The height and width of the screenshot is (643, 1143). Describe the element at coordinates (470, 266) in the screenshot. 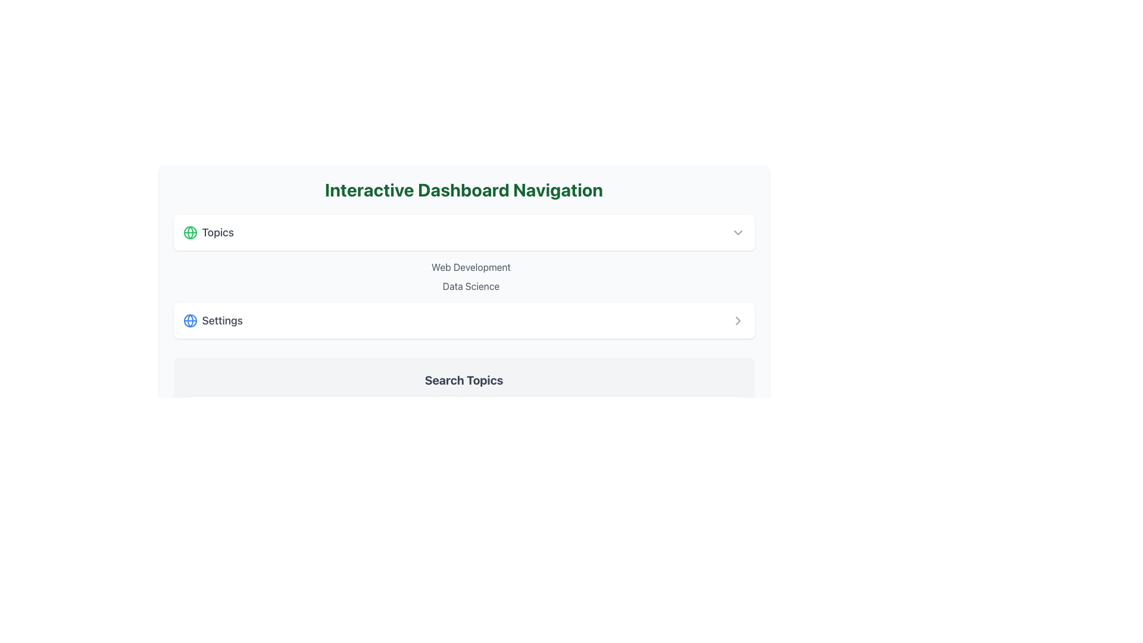

I see `the hyperlink labeled 'Web Development' under the 'Interactive Dashboard Navigation' section` at that location.